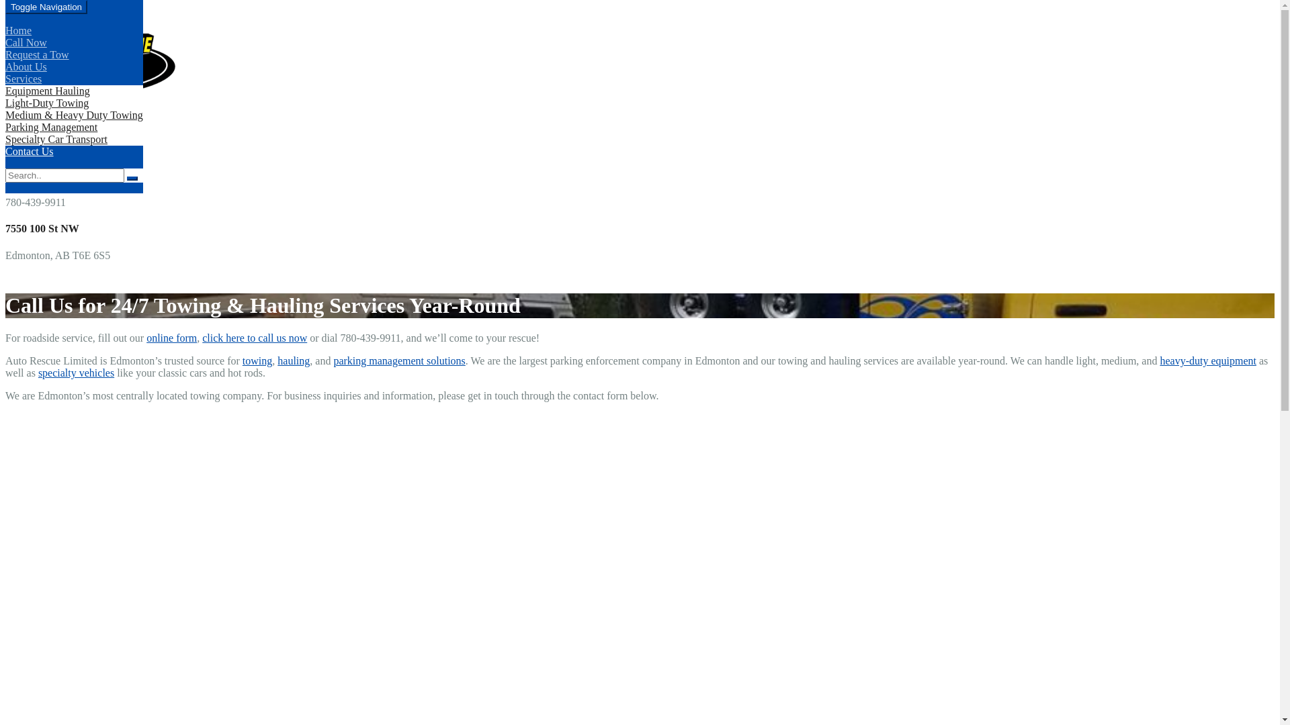 This screenshot has height=725, width=1290. Describe the element at coordinates (23, 79) in the screenshot. I see `'Services'` at that location.